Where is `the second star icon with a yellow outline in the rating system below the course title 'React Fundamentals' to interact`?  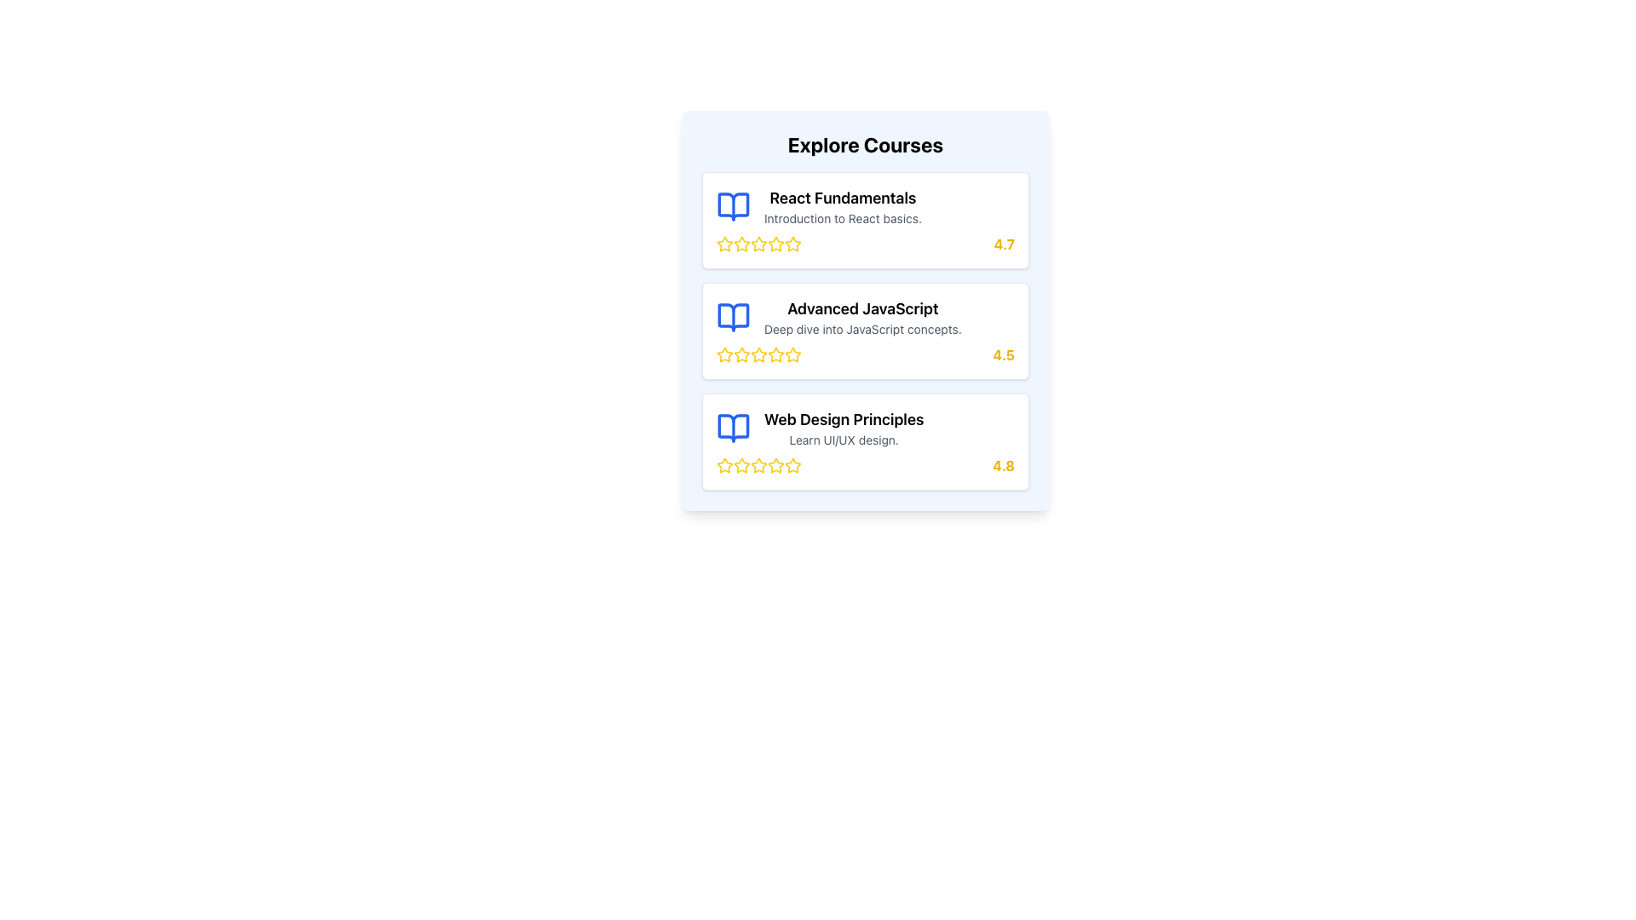 the second star icon with a yellow outline in the rating system below the course title 'React Fundamentals' to interact is located at coordinates (775, 243).